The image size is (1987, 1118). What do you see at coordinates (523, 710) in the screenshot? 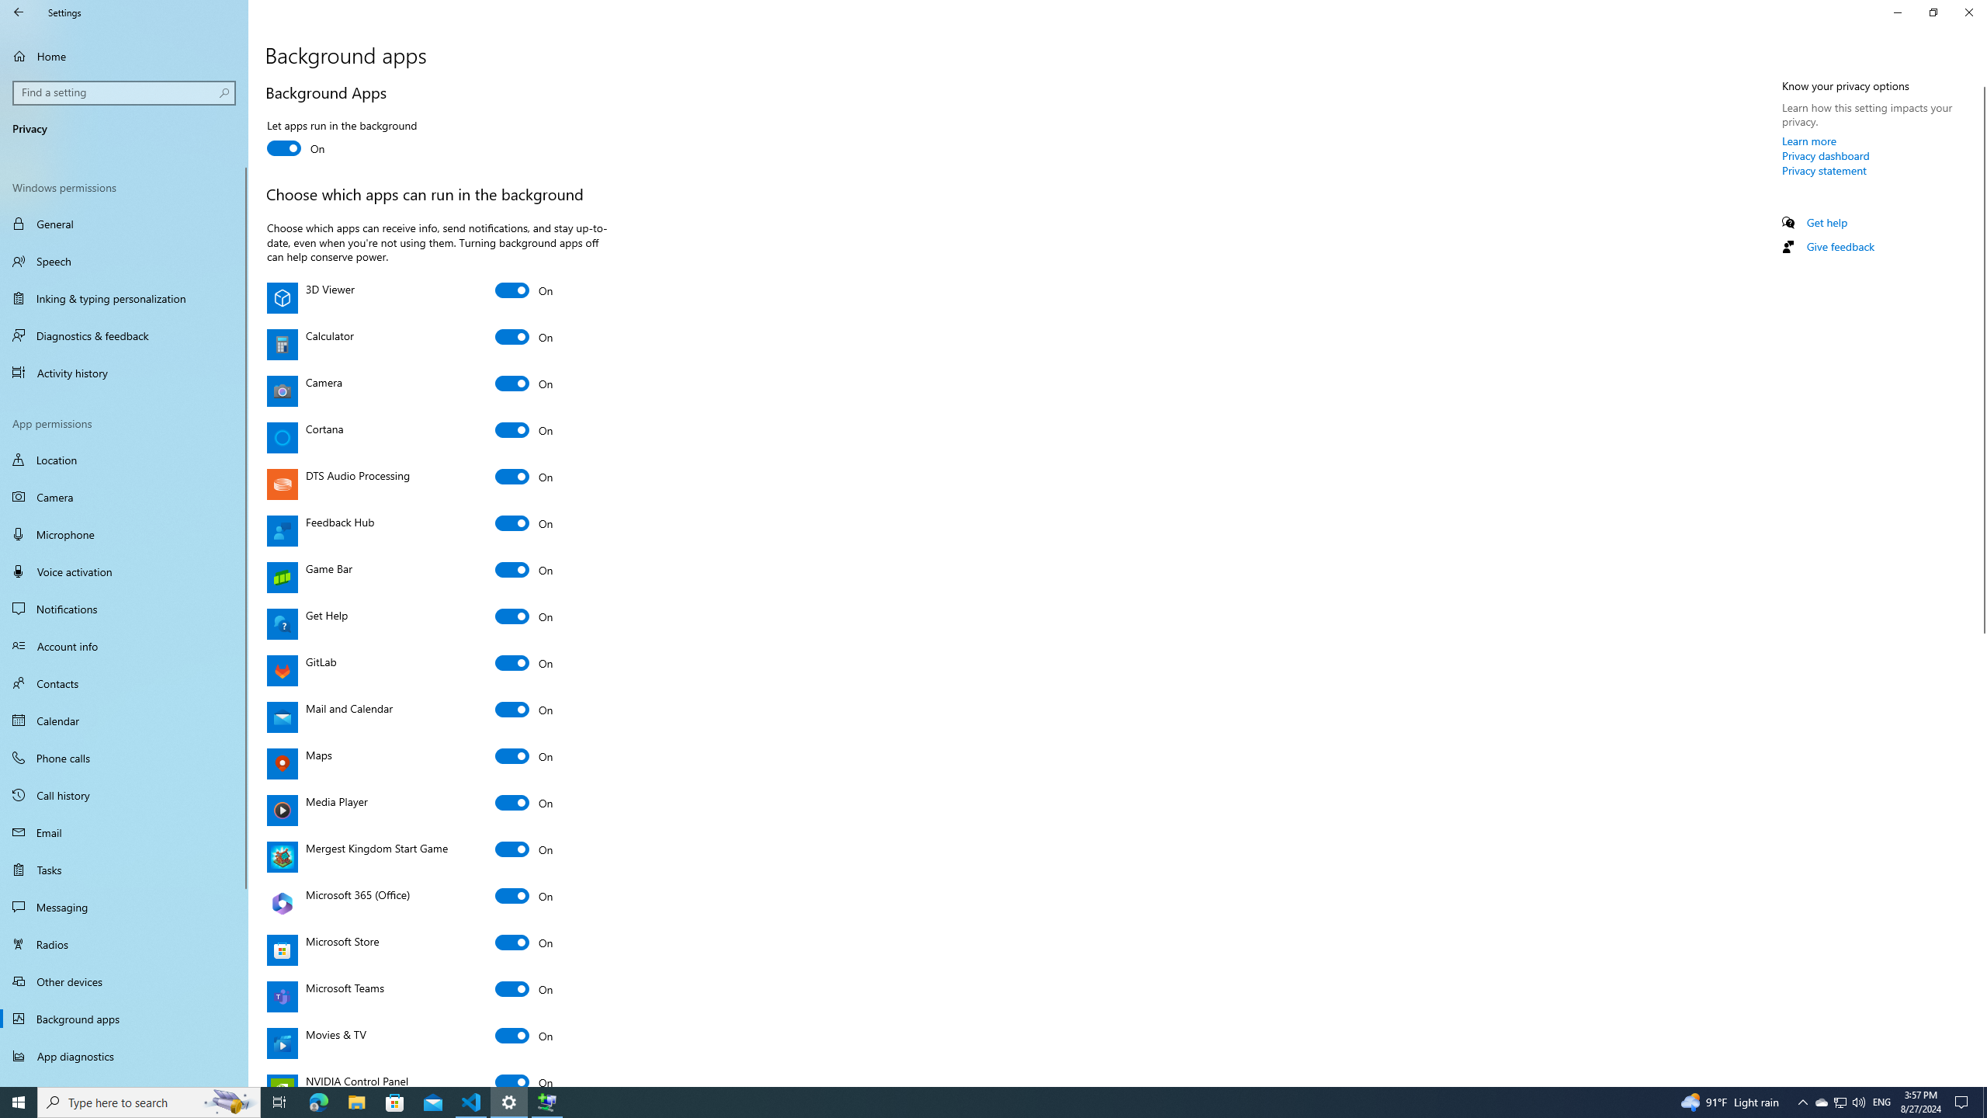
I see `'Mail and Calendar'` at bounding box center [523, 710].